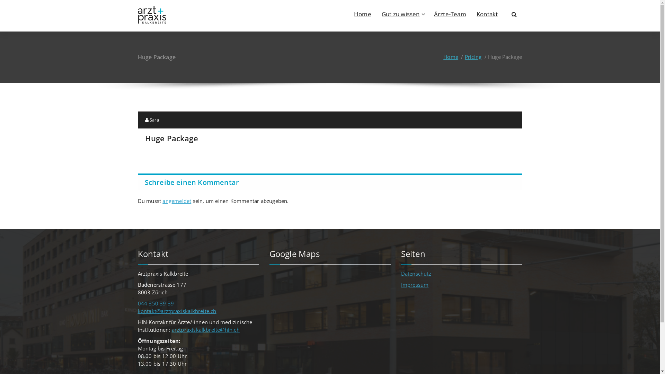 This screenshot has height=374, width=665. I want to click on 'Datenschutz', so click(416, 273).